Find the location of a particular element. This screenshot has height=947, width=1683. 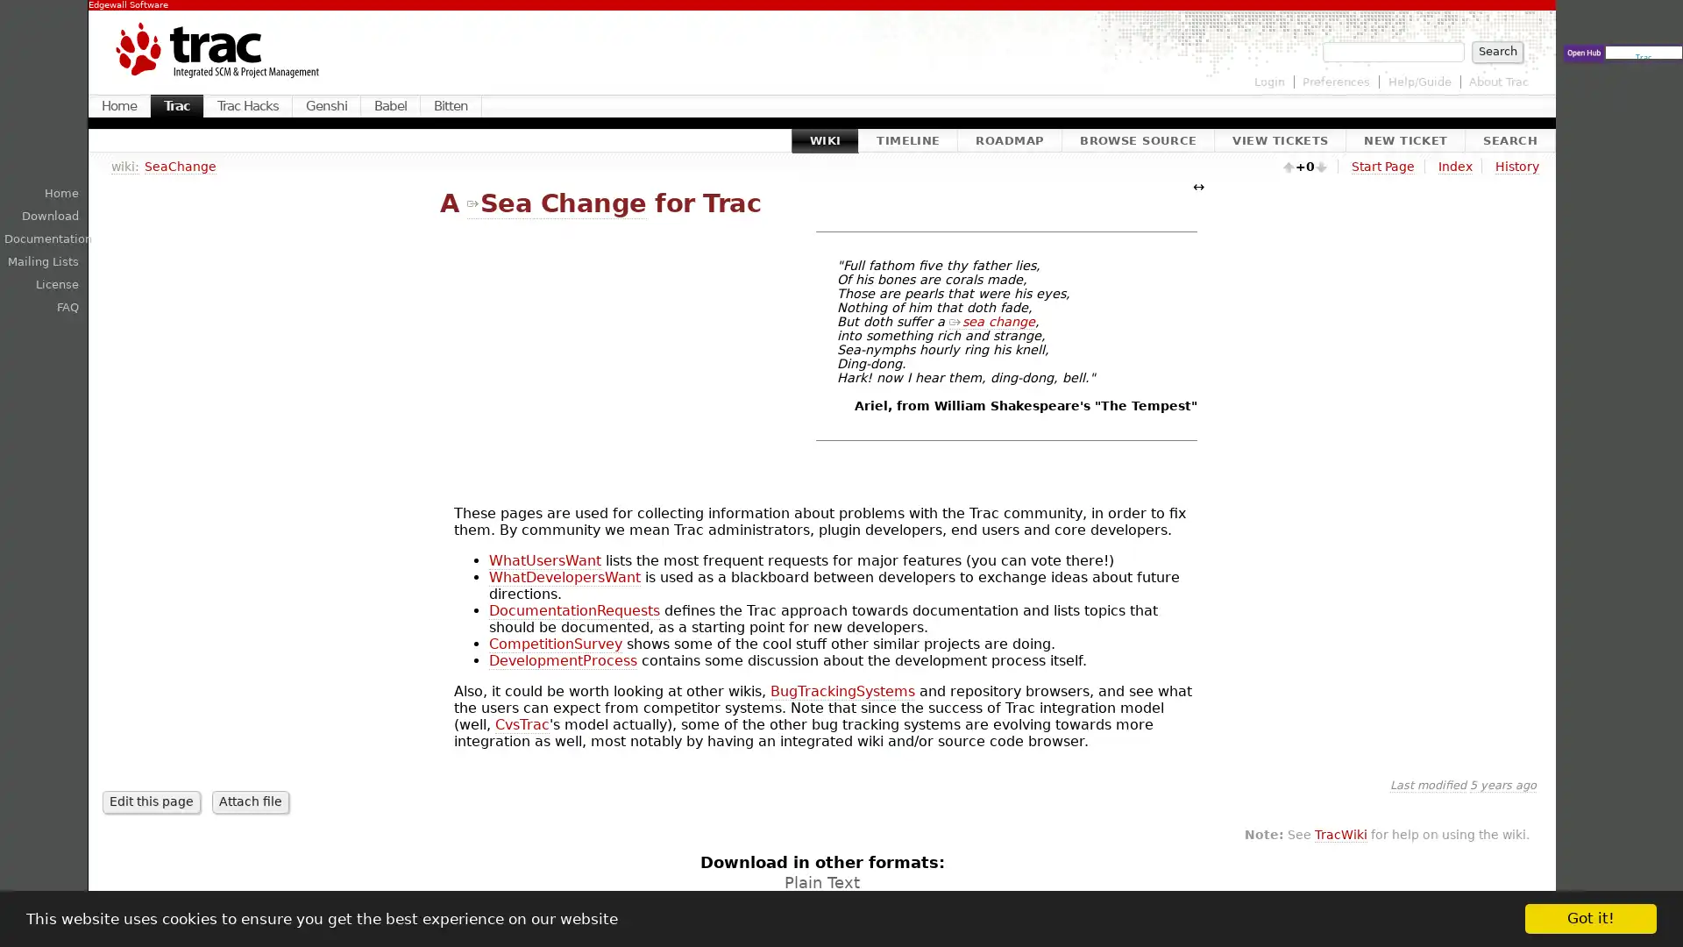

Search is located at coordinates (1496, 50).